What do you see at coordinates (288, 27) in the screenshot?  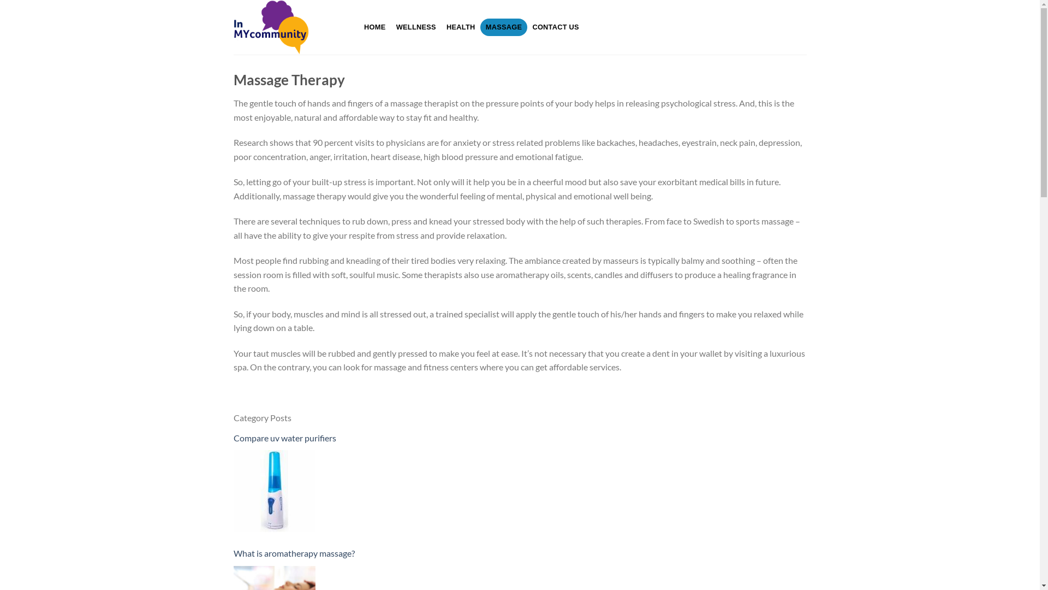 I see `'Wellness Approach To Health Blog & Forums - Get Healthy'` at bounding box center [288, 27].